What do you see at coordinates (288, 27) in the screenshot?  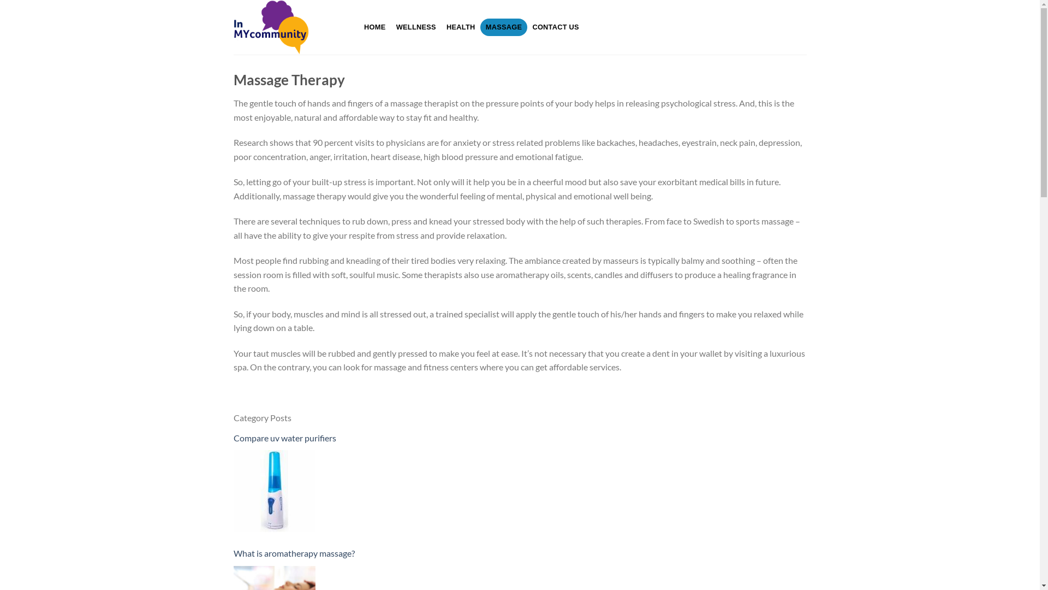 I see `'Wellness Approach To Health Blog & Forums - Get Healthy'` at bounding box center [288, 27].